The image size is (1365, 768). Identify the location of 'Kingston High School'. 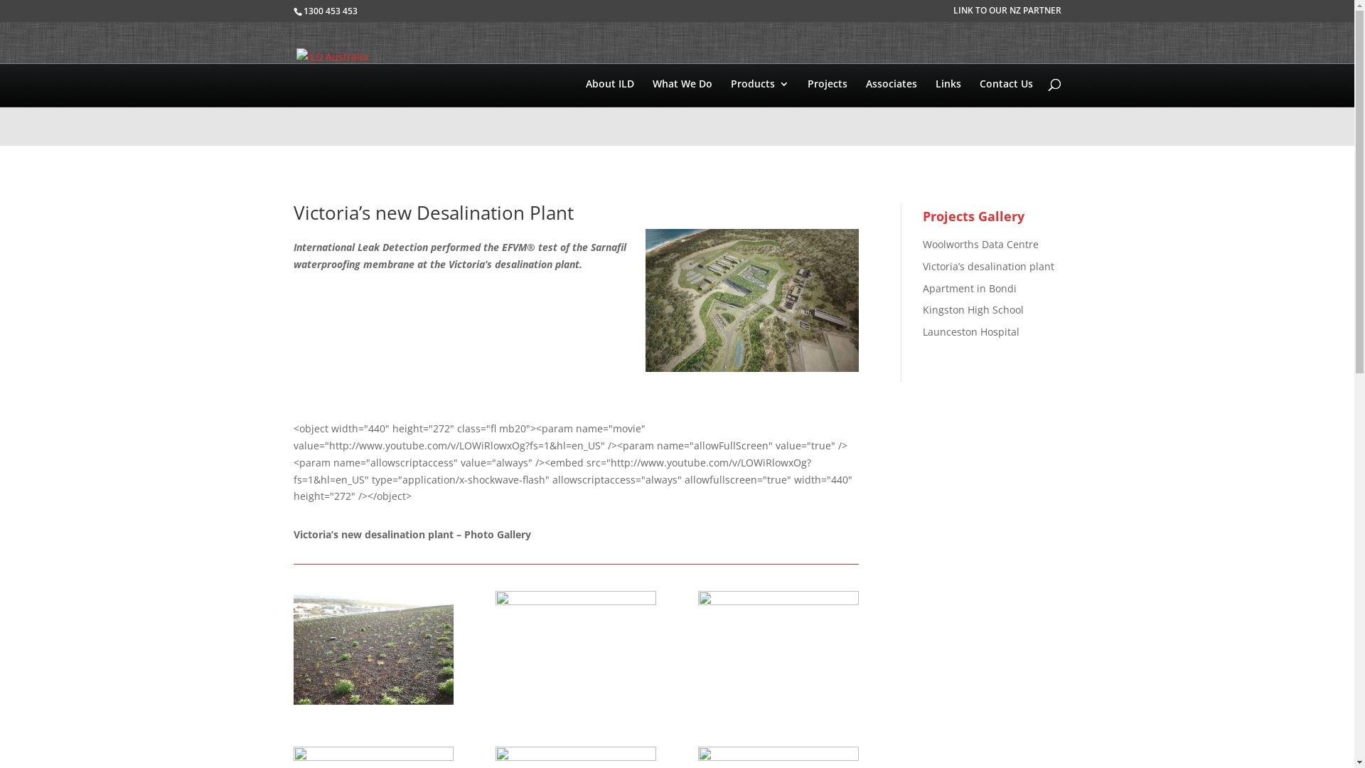
(972, 309).